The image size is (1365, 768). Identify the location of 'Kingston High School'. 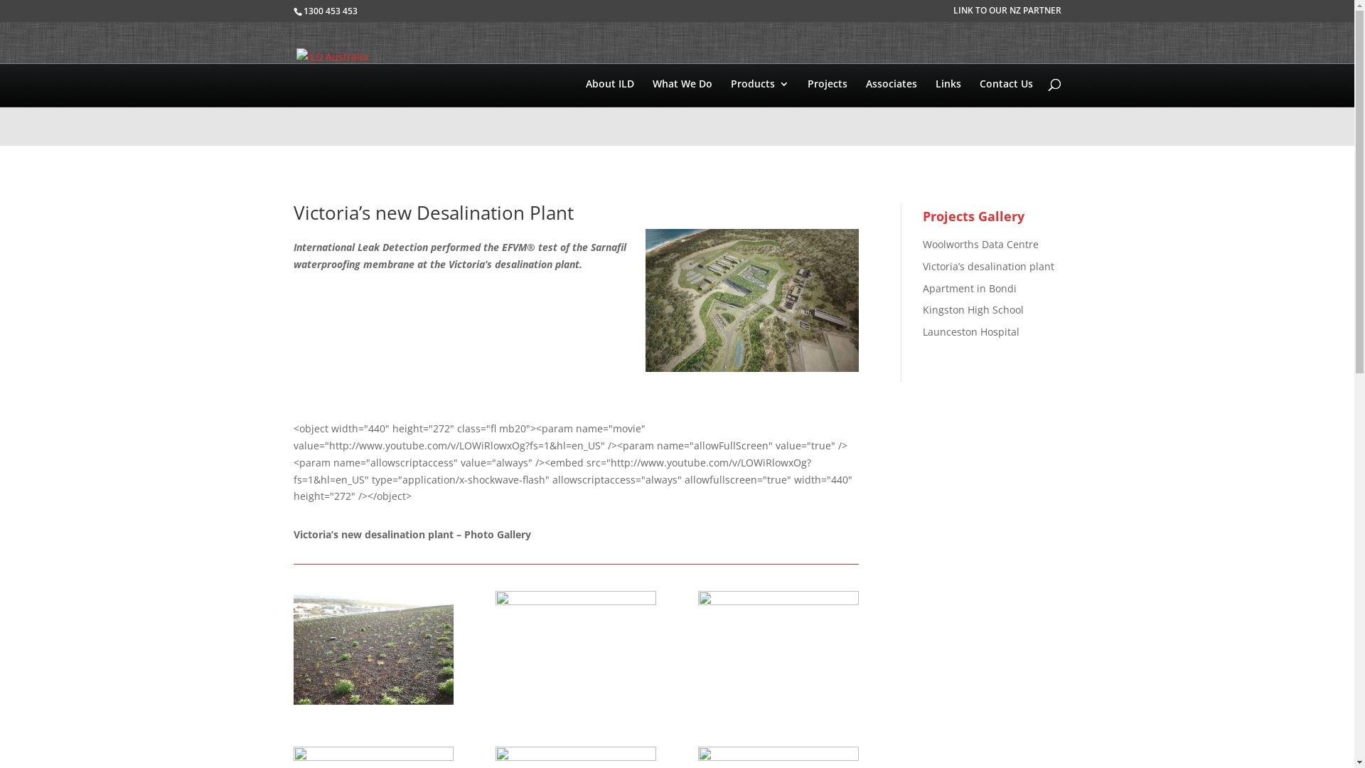
(972, 309).